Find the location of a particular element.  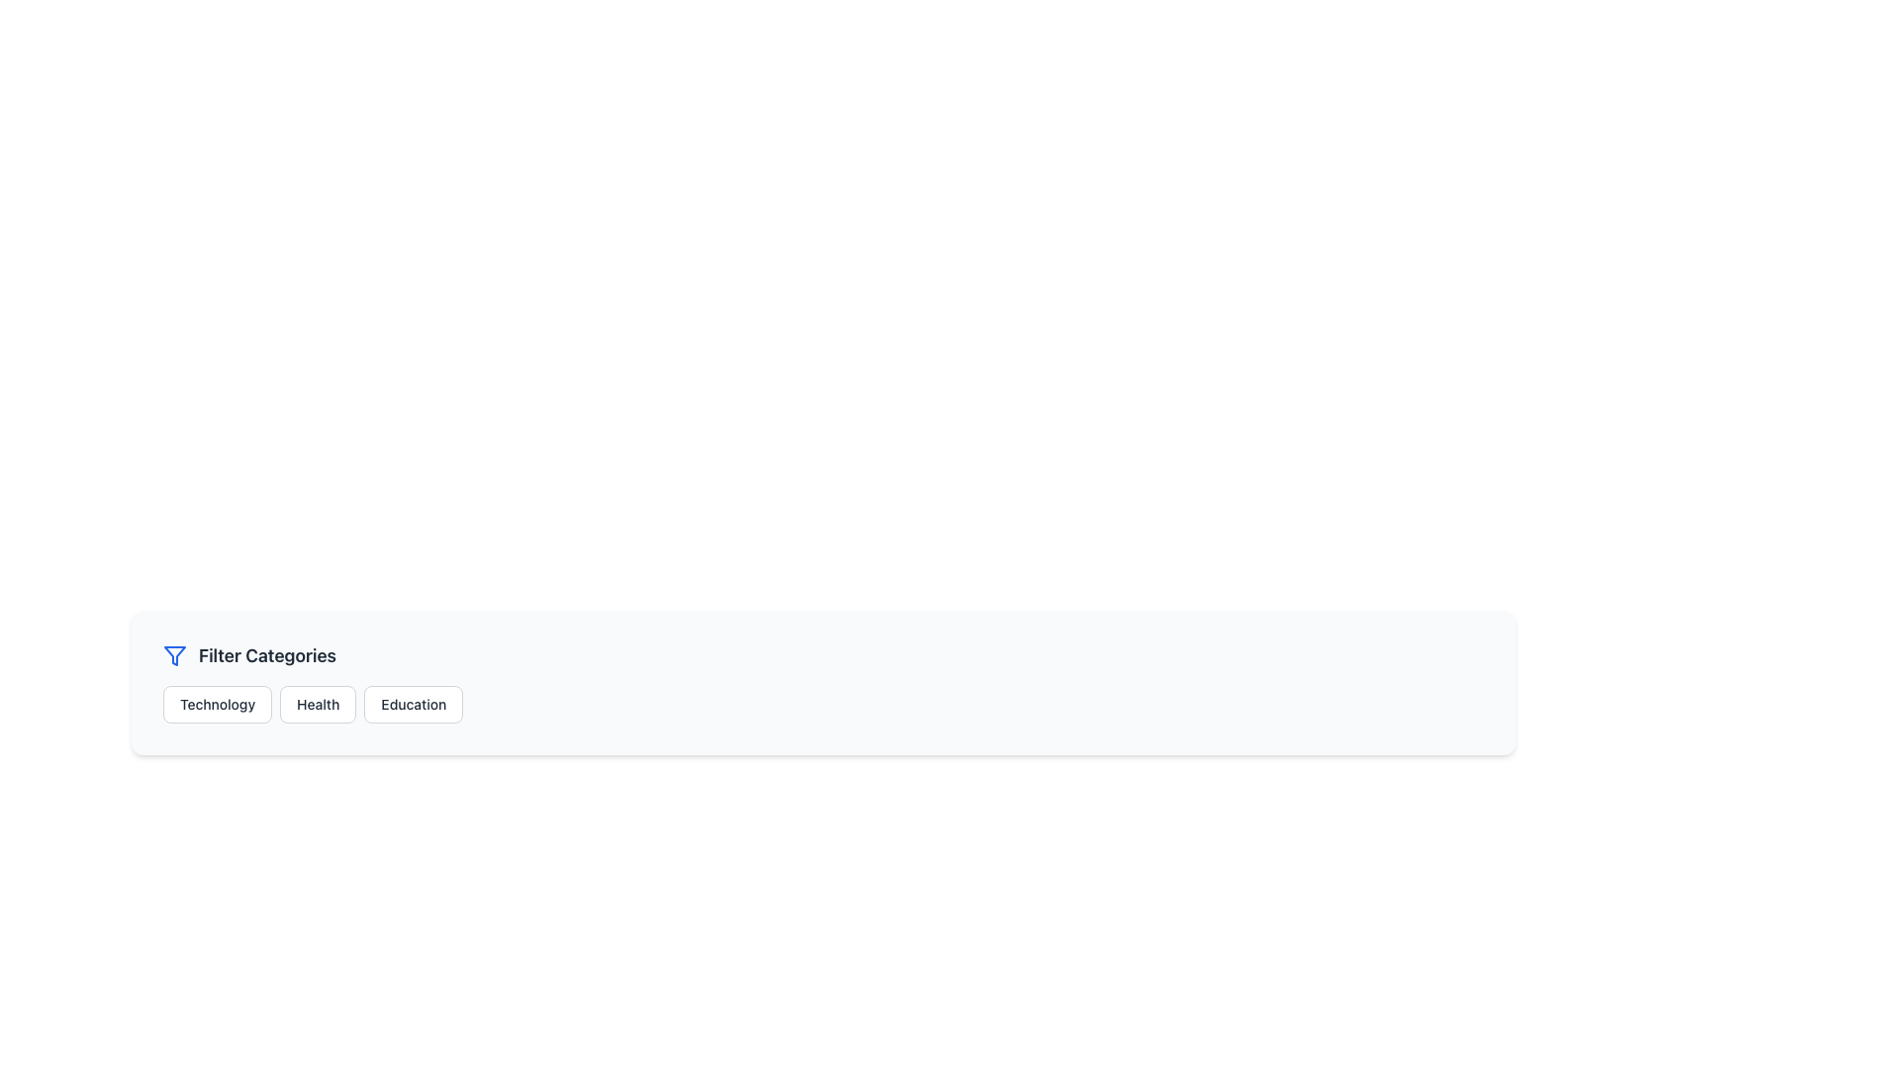

the 'Education' button, which is the third button in the 'Filter Categories' section is located at coordinates (413, 704).